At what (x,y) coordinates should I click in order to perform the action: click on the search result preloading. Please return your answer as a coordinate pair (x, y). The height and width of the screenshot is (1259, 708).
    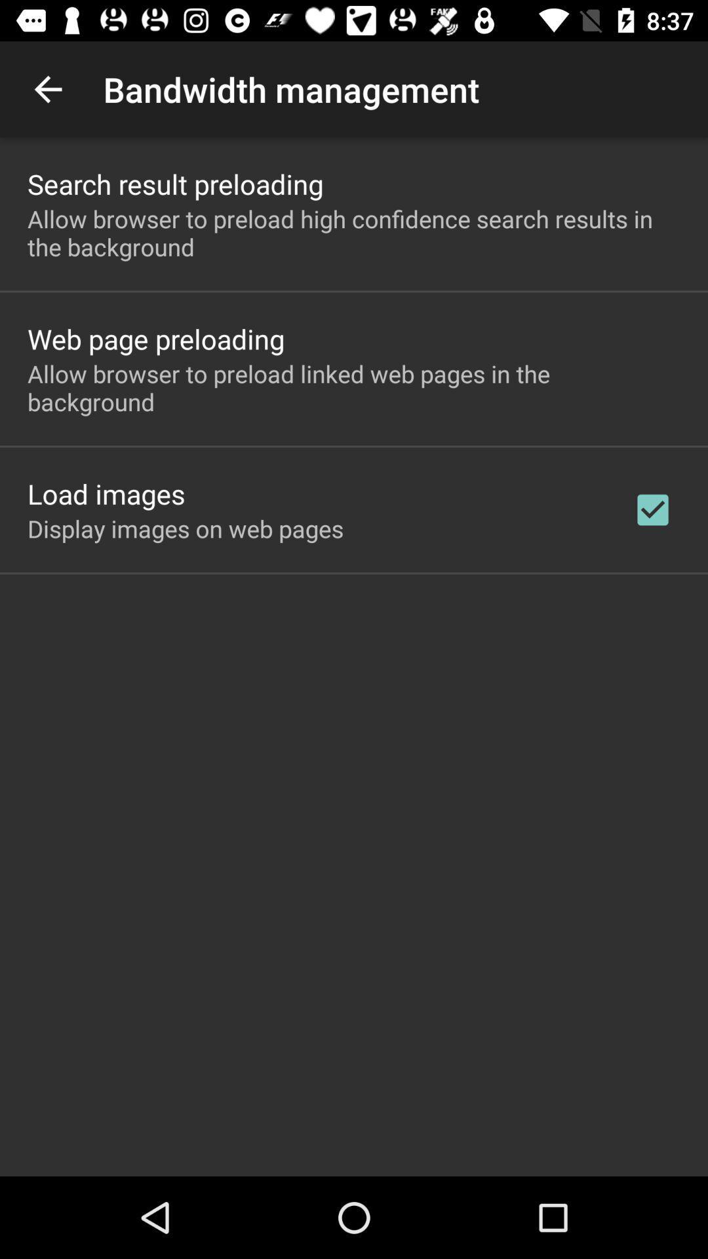
    Looking at the image, I should click on (174, 183).